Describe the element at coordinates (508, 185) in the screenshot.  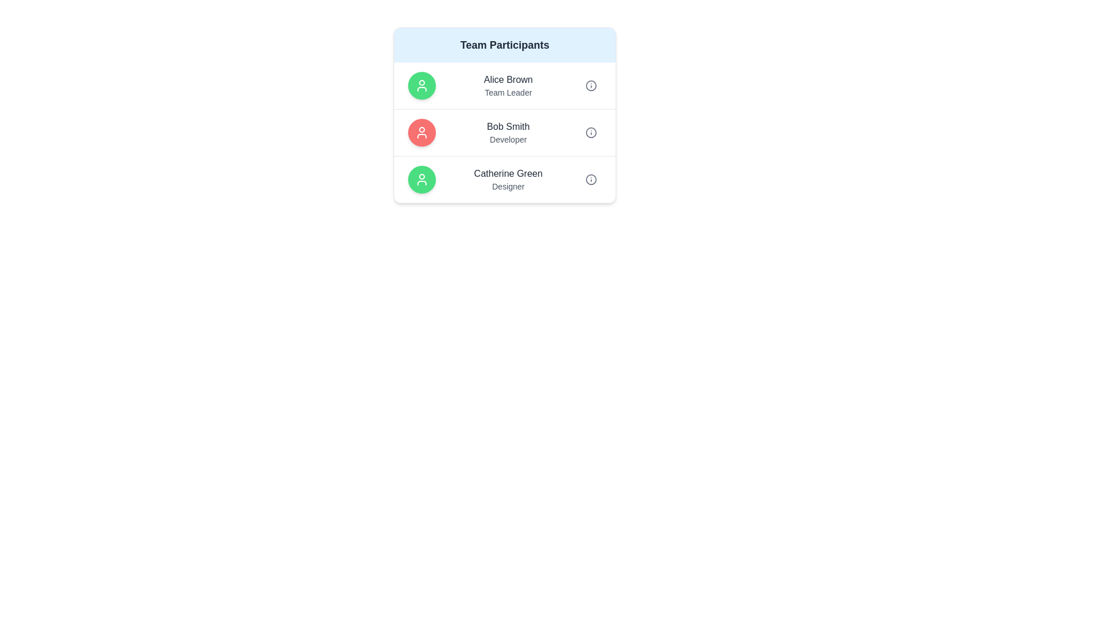
I see `the text label that reads 'Designer', which is styled in light gray and appears below the name 'Catherine Green' in the team participant list` at that location.